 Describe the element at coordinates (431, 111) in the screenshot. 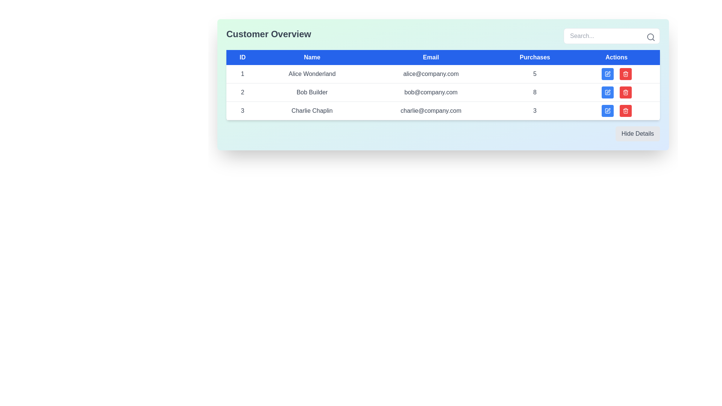

I see `the Text Label displaying the email address of user 'Charlie Chaplin', located in the third column of the third row in the data table` at that location.